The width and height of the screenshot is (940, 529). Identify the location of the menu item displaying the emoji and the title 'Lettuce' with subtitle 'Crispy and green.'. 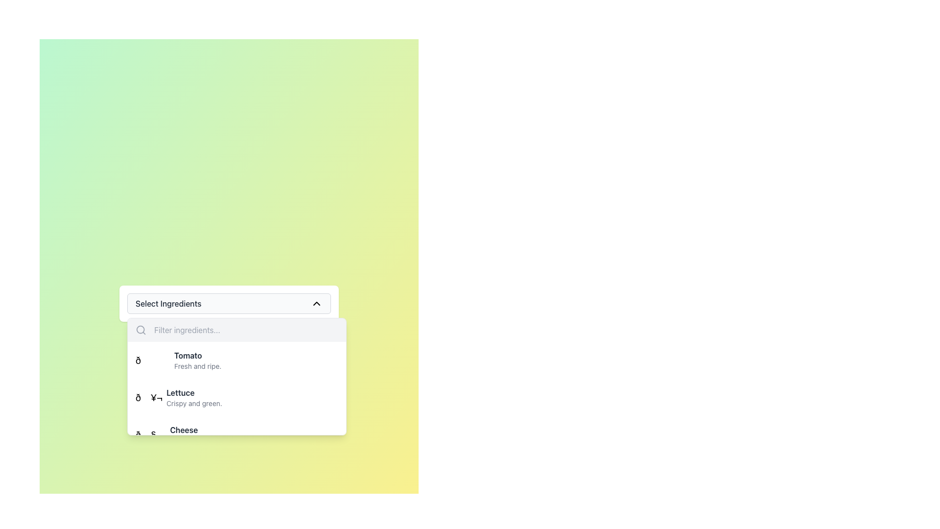
(237, 398).